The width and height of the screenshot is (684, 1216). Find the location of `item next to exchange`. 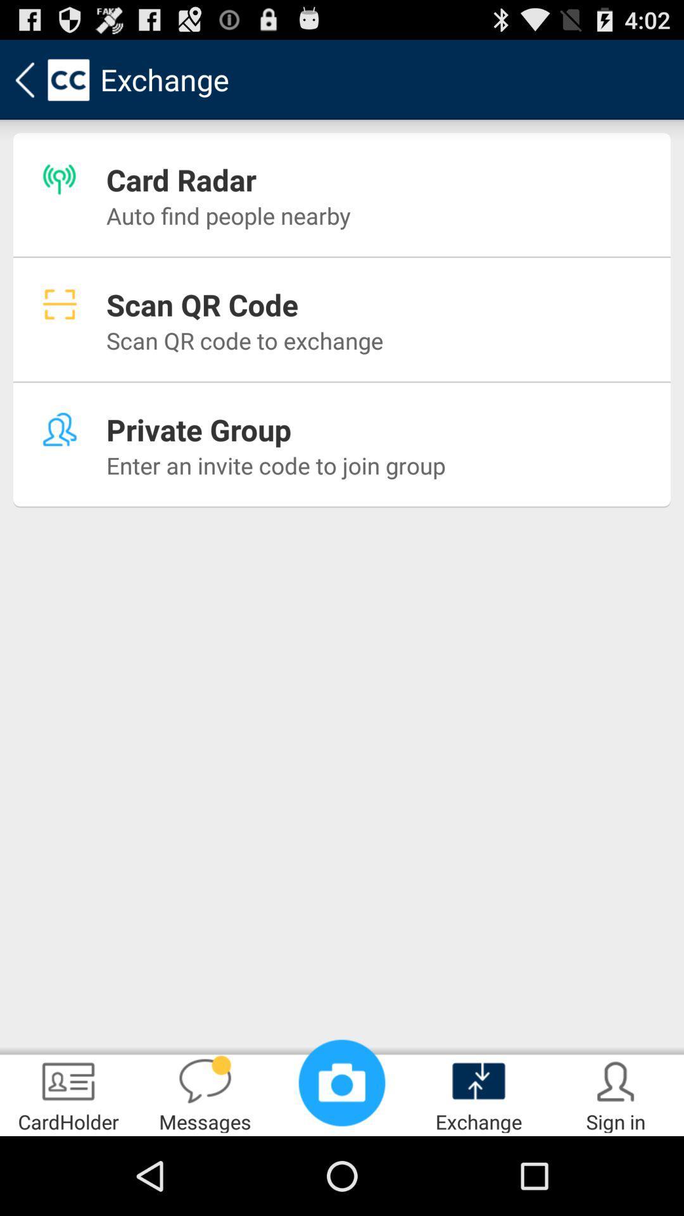

item next to exchange is located at coordinates (342, 1082).